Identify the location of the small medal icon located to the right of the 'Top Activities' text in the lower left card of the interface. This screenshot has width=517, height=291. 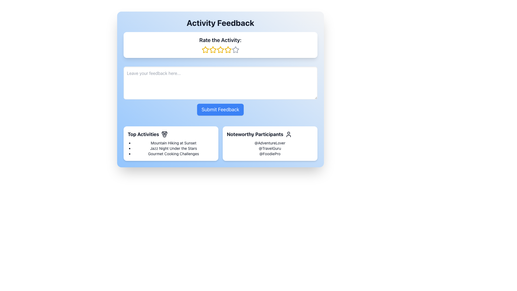
(164, 134).